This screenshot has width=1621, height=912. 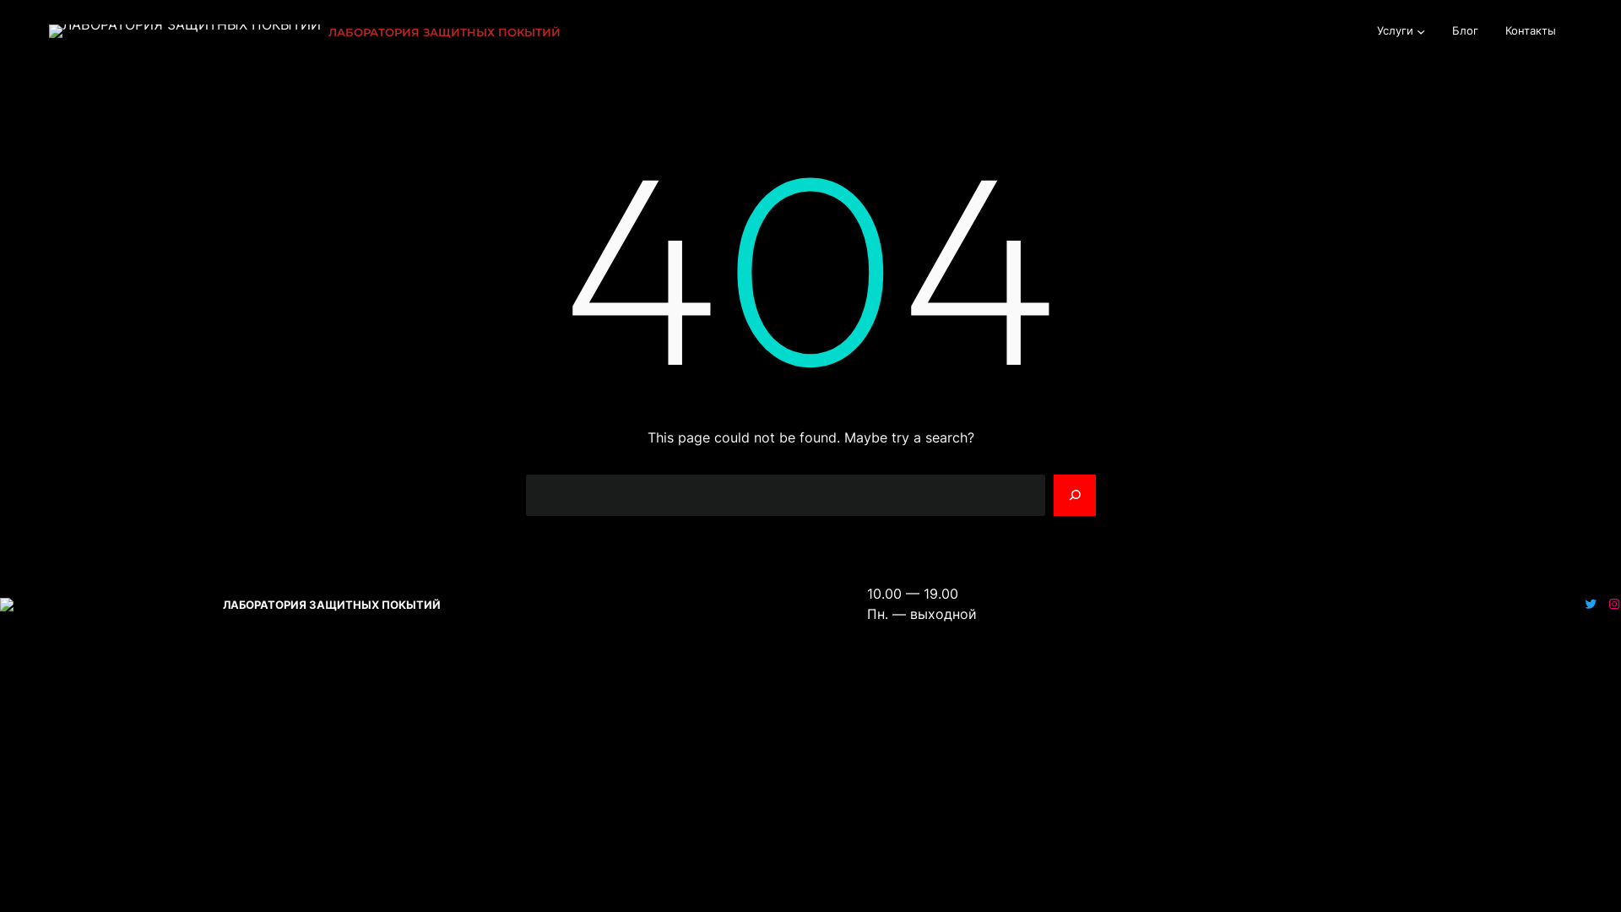 What do you see at coordinates (1589, 602) in the screenshot?
I see `'Twitter'` at bounding box center [1589, 602].